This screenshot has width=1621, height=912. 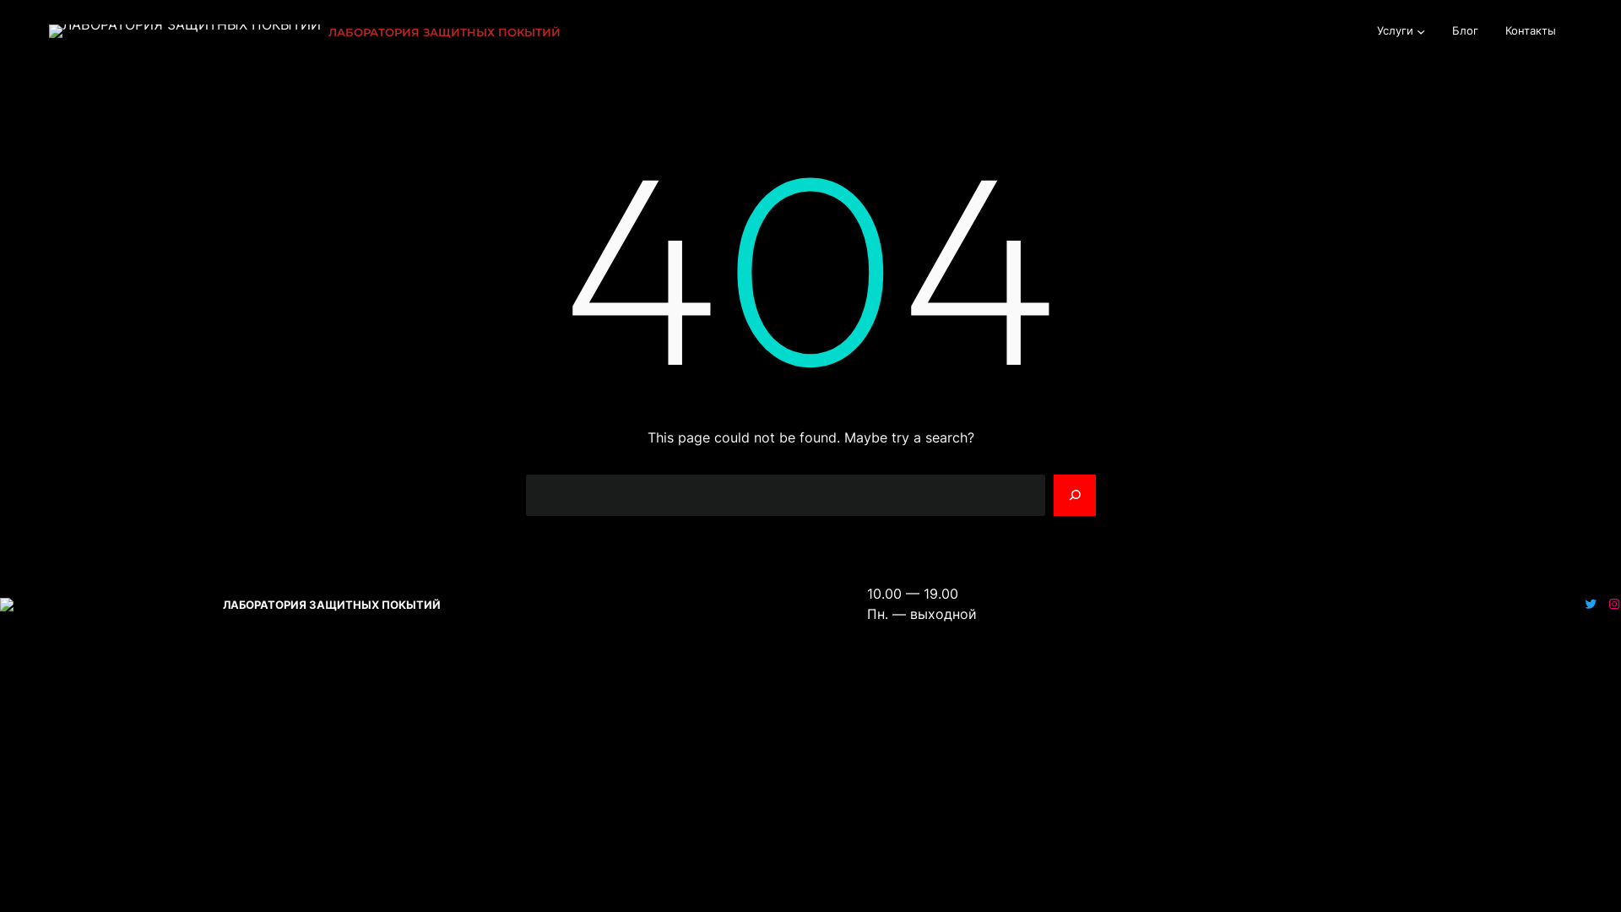 What do you see at coordinates (1589, 602) in the screenshot?
I see `'Twitter'` at bounding box center [1589, 602].